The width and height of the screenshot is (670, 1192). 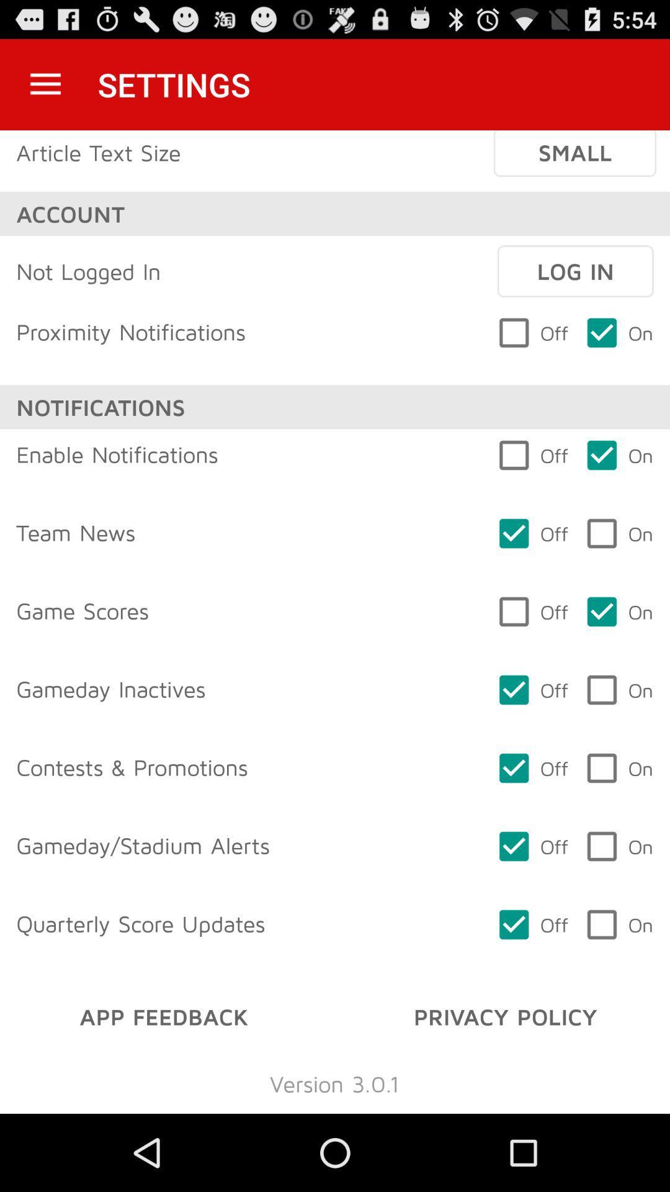 I want to click on the item next to not logged in item, so click(x=575, y=271).